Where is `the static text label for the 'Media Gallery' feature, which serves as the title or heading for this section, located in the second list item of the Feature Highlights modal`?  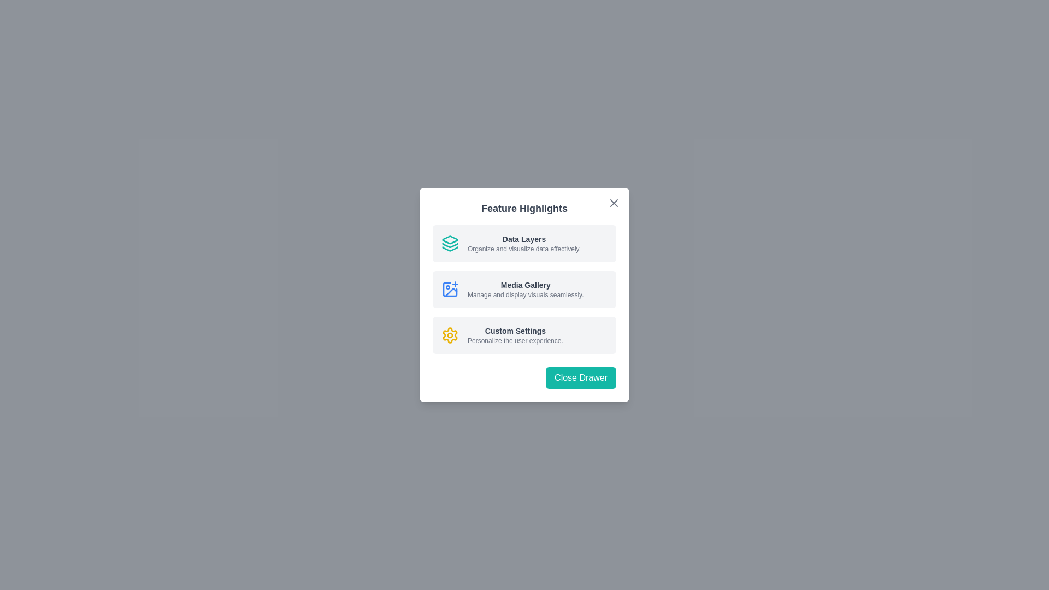
the static text label for the 'Media Gallery' feature, which serves as the title or heading for this section, located in the second list item of the Feature Highlights modal is located at coordinates (526, 284).